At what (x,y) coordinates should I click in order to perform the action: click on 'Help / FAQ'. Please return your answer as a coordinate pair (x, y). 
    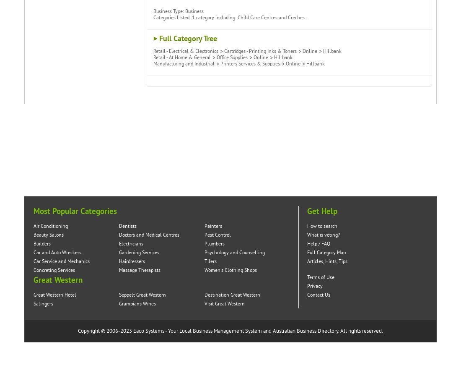
    Looking at the image, I should click on (319, 243).